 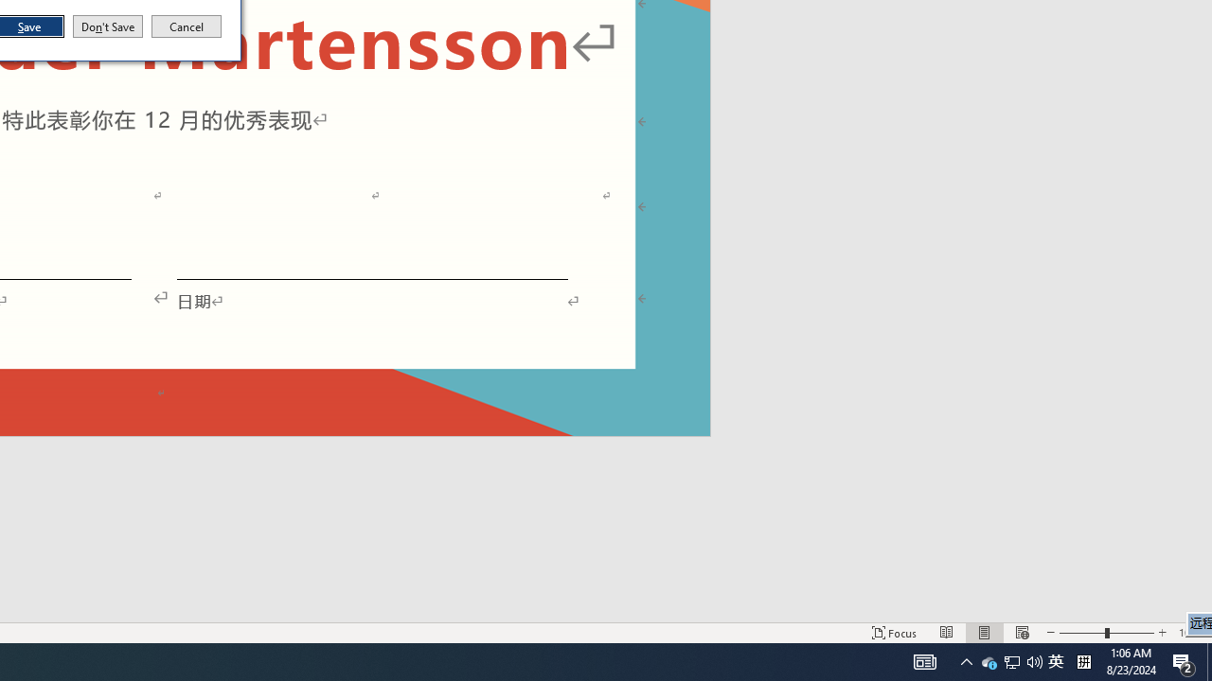 I want to click on 'Tray Input Indicator - Chinese (Simplified, China)', so click(x=1055, y=660).